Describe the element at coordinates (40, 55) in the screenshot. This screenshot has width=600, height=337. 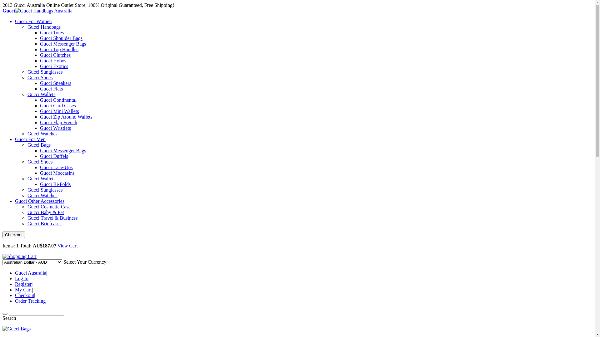
I see `'Gucci Clutches'` at that location.